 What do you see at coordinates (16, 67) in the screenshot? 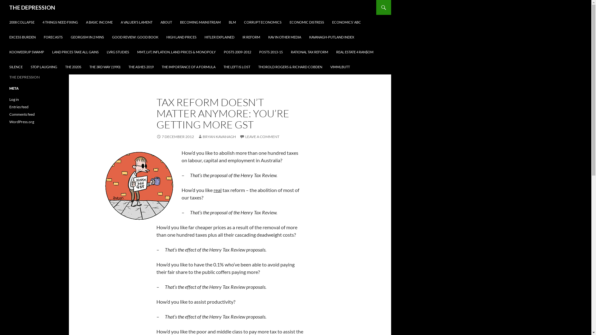
I see `'SILENCE'` at bounding box center [16, 67].